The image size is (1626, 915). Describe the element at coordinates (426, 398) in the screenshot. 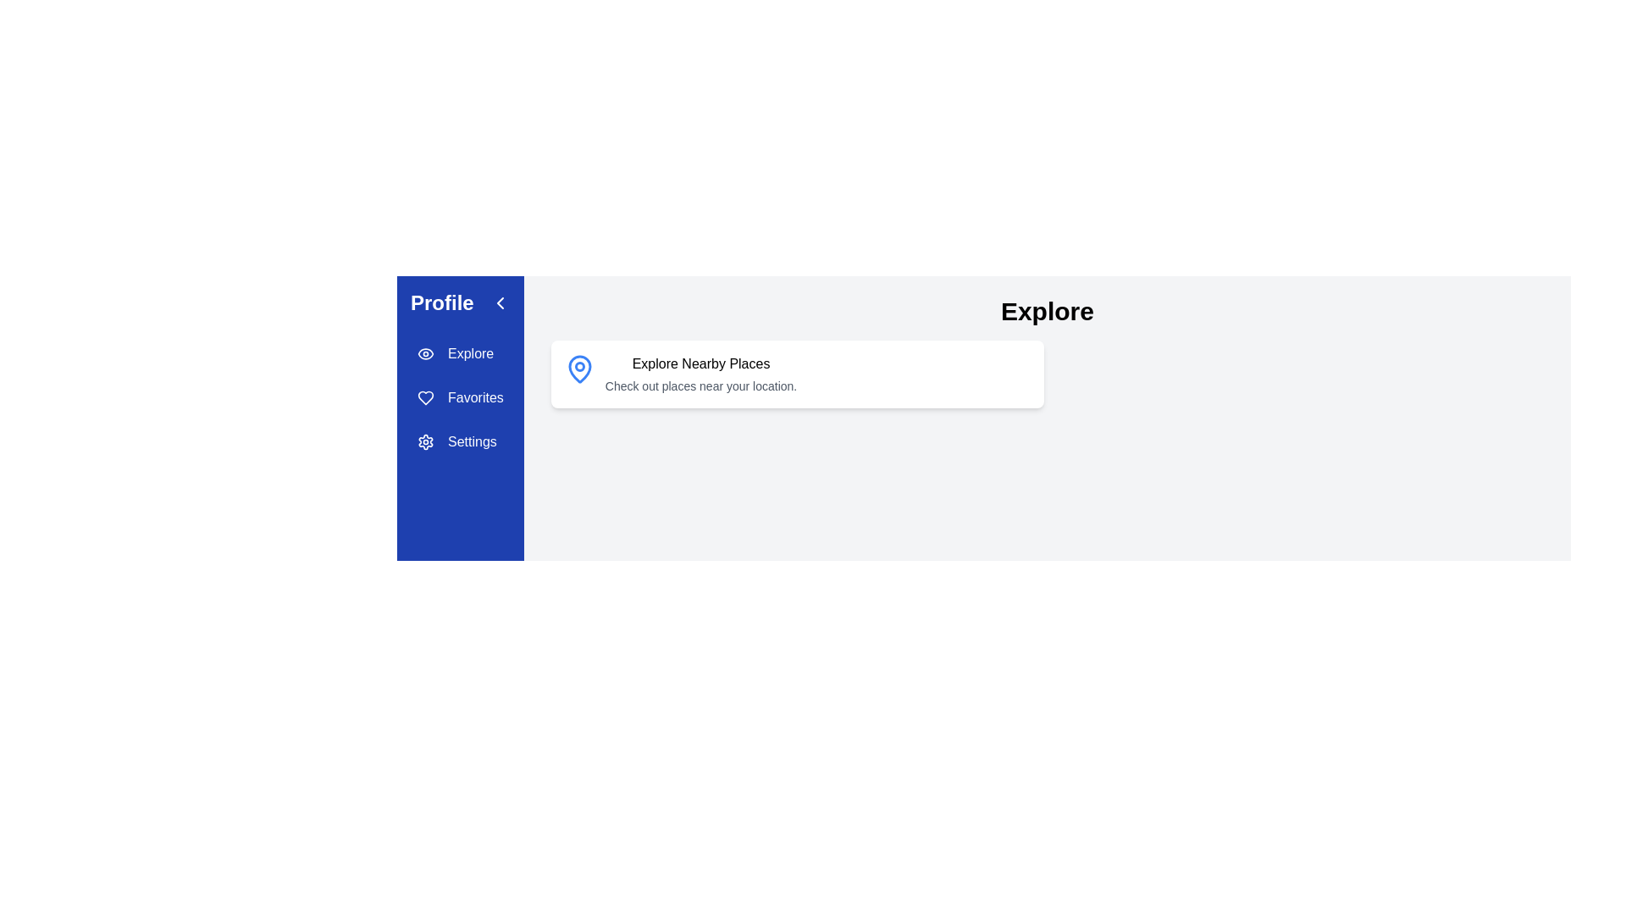

I see `the heart icon representing the 'Favorites' section in the navigation bar, located to the left of the 'Favorites' label` at that location.